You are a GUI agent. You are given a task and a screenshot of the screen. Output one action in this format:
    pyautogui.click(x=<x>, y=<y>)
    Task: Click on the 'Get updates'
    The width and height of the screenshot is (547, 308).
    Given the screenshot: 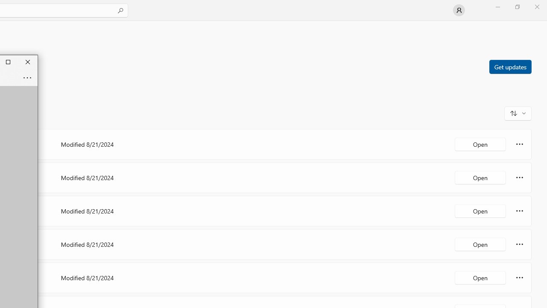 What is the action you would take?
    pyautogui.click(x=510, y=66)
    